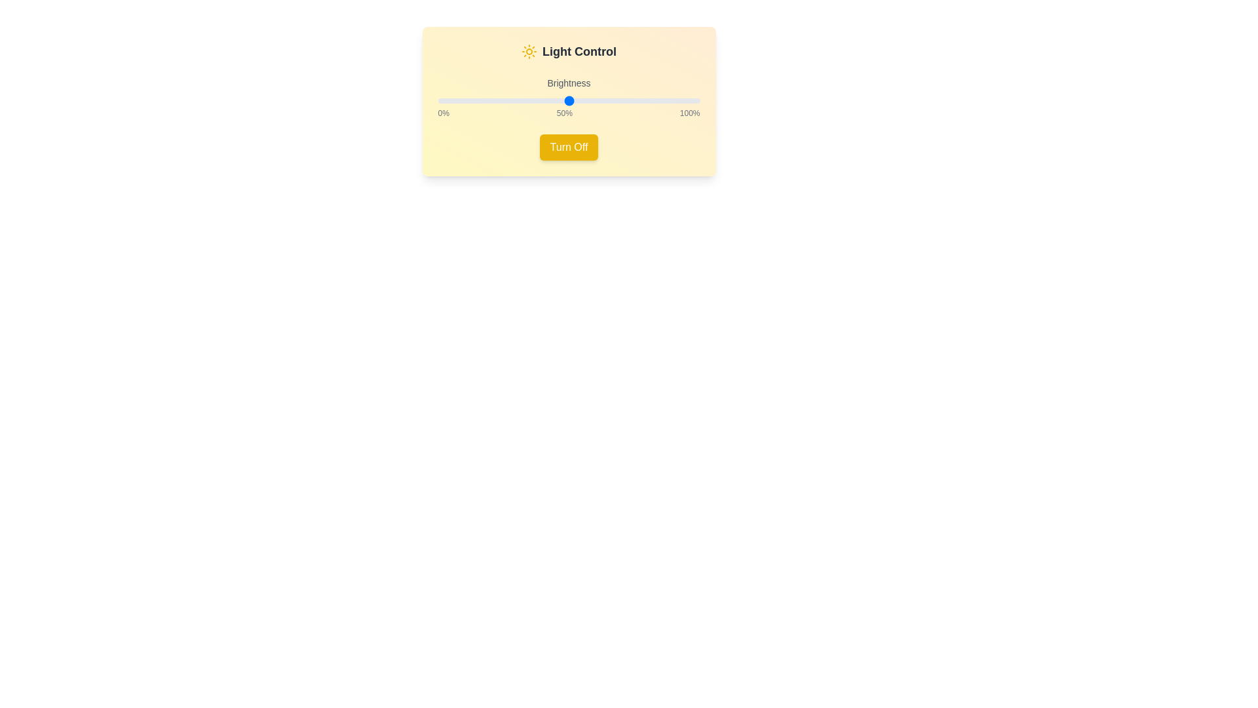 The height and width of the screenshot is (708, 1258). I want to click on Brightness, so click(584, 100).